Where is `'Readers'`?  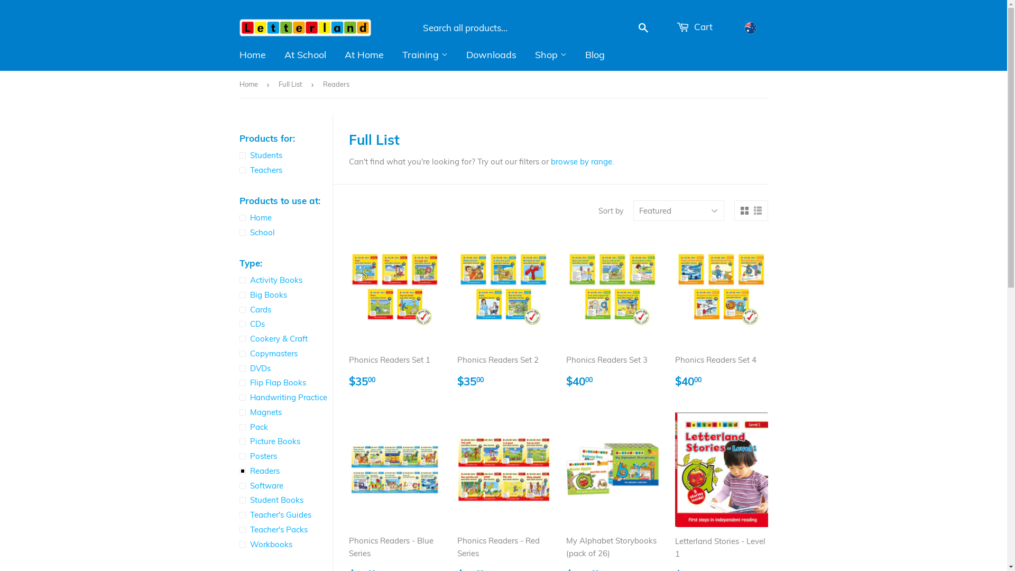 'Readers' is located at coordinates (285, 471).